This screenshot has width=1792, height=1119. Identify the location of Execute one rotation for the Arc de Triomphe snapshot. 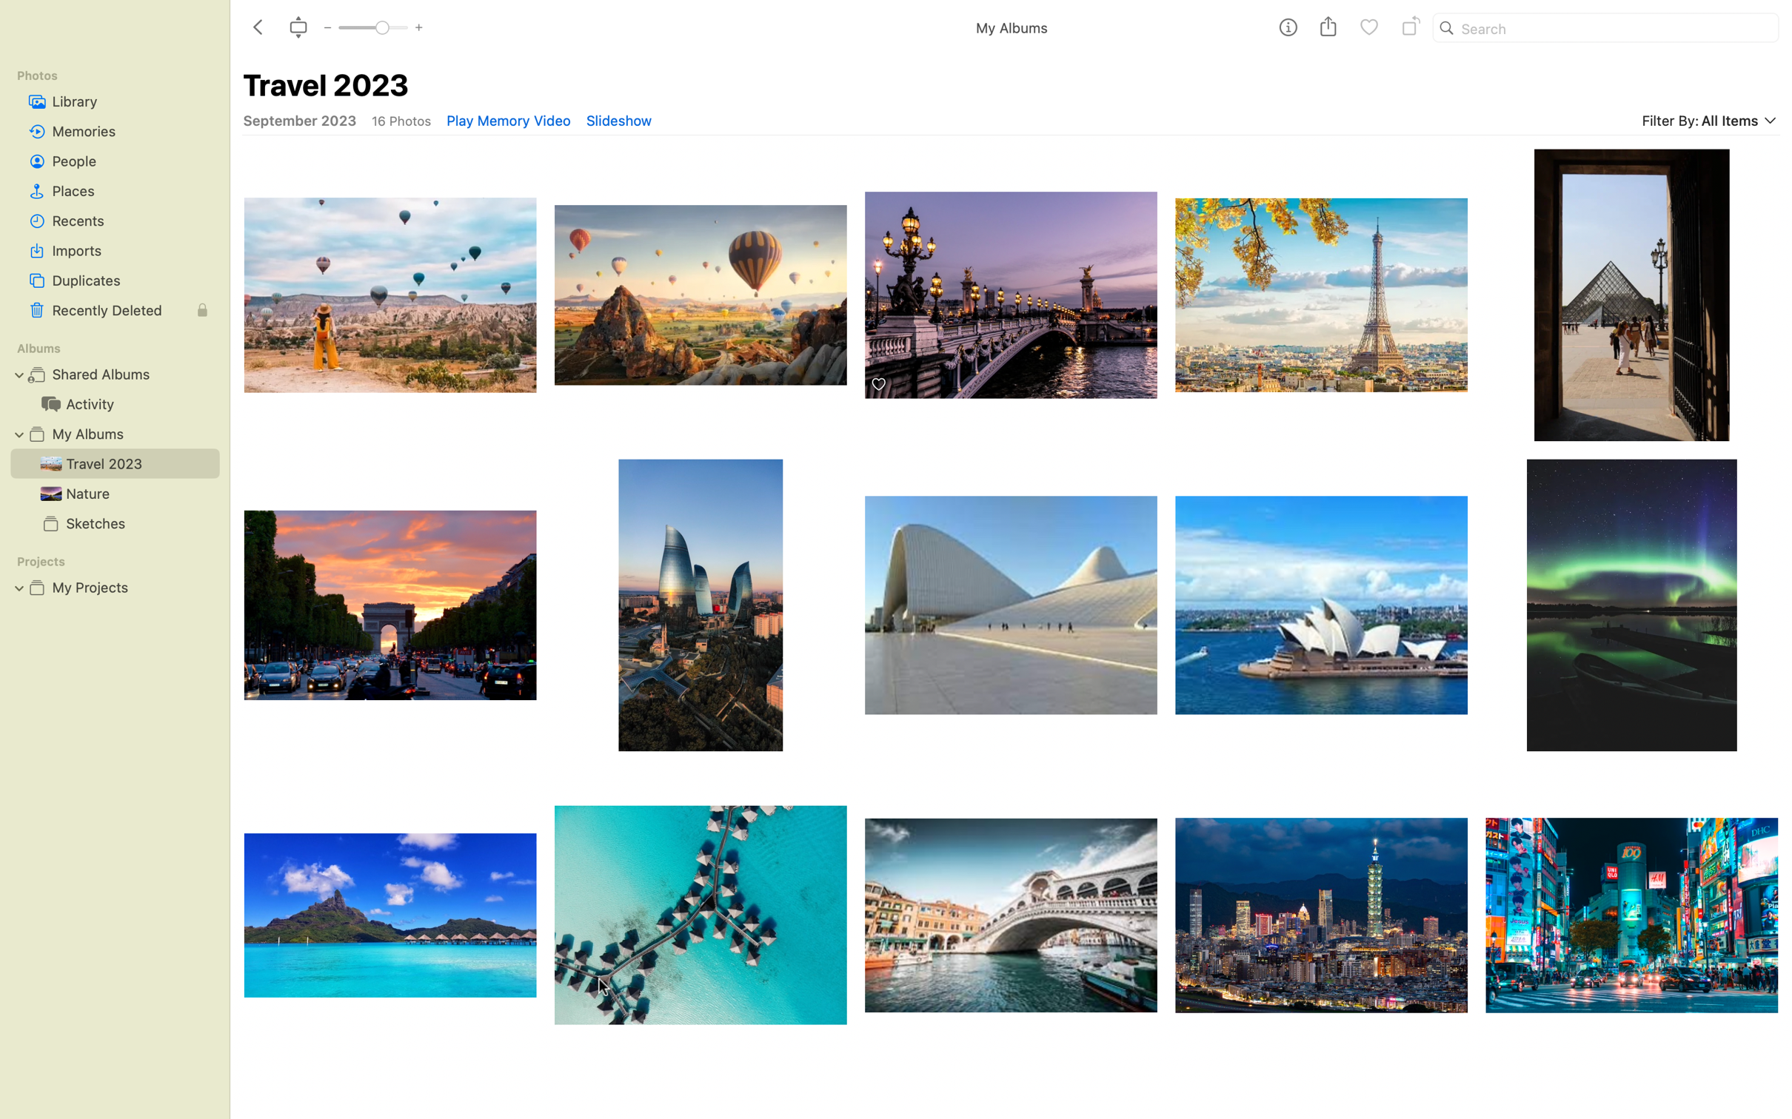
(387, 605).